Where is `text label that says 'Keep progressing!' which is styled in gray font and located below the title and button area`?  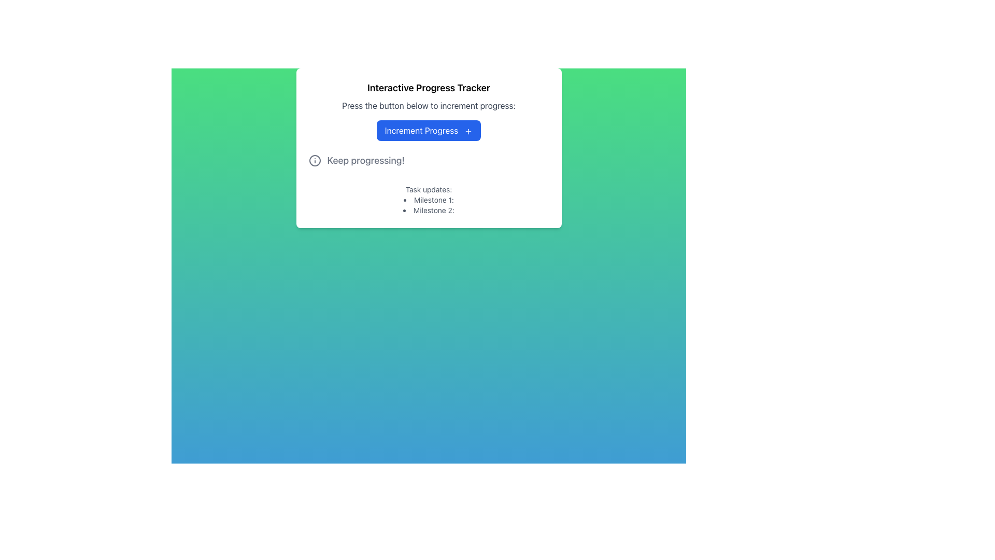
text label that says 'Keep progressing!' which is styled in gray font and located below the title and button area is located at coordinates (366, 160).